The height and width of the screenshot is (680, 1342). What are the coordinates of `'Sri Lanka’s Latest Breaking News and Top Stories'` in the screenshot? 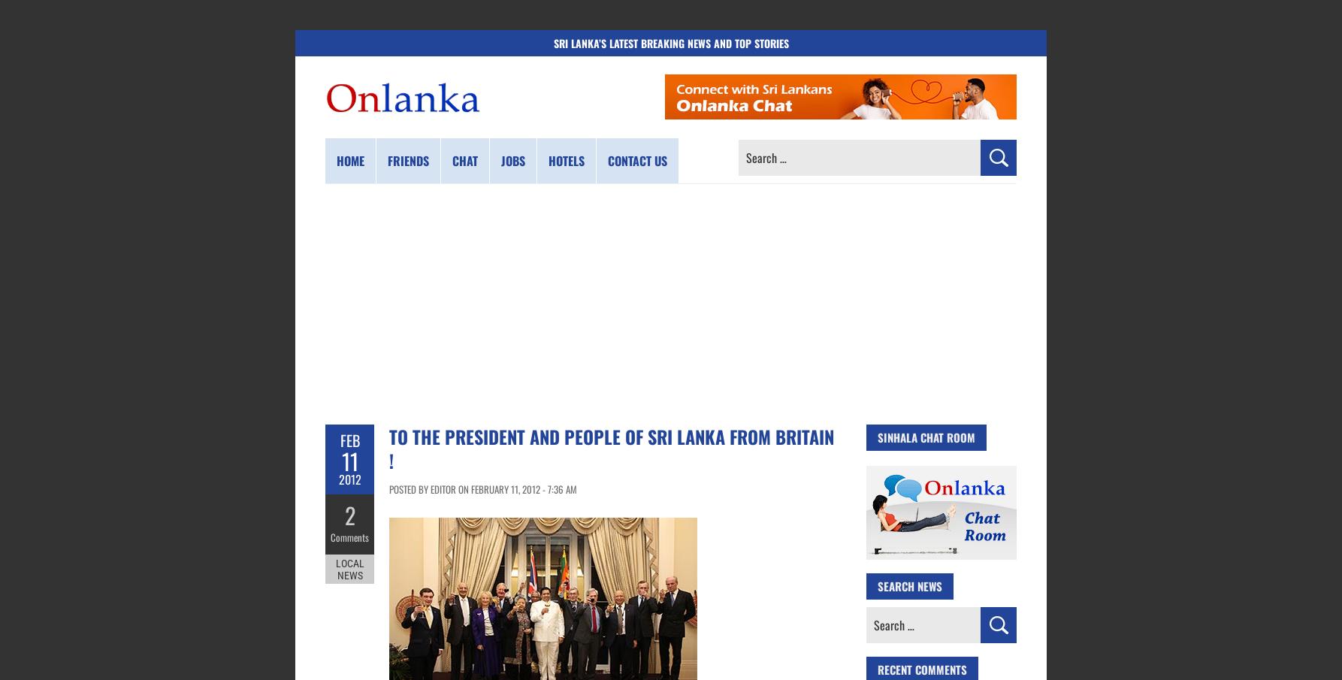 It's located at (669, 43).